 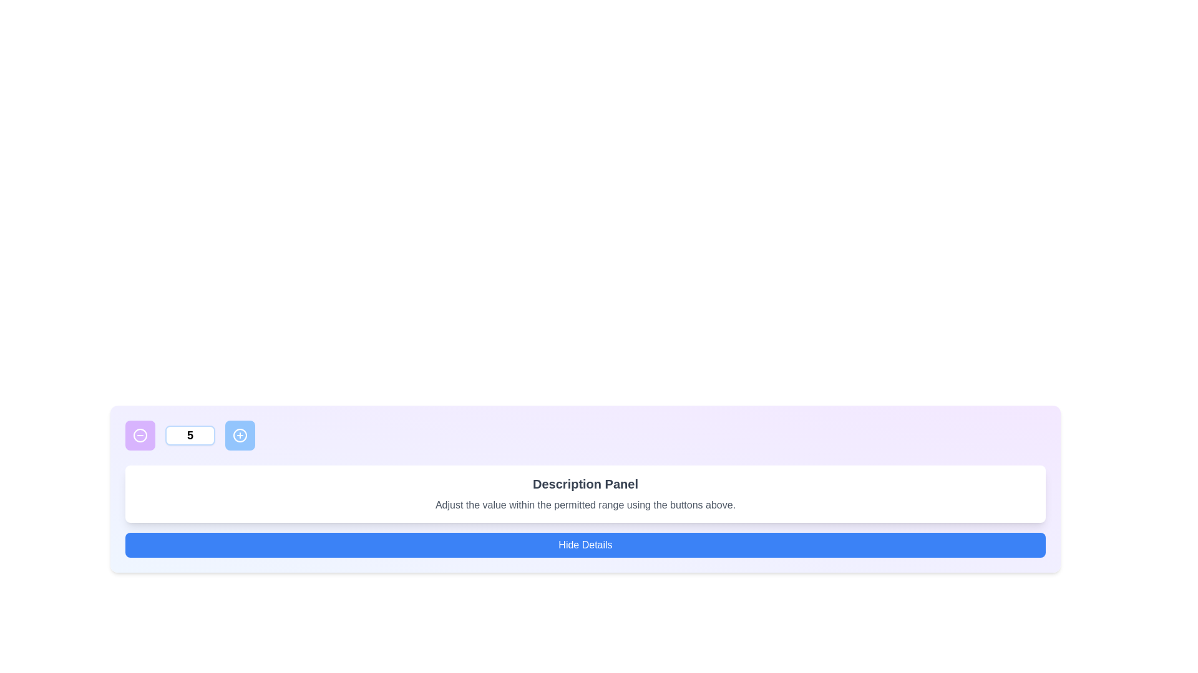 I want to click on the increment button, which is the third element in a horizontal row on a purple background, so click(x=240, y=434).